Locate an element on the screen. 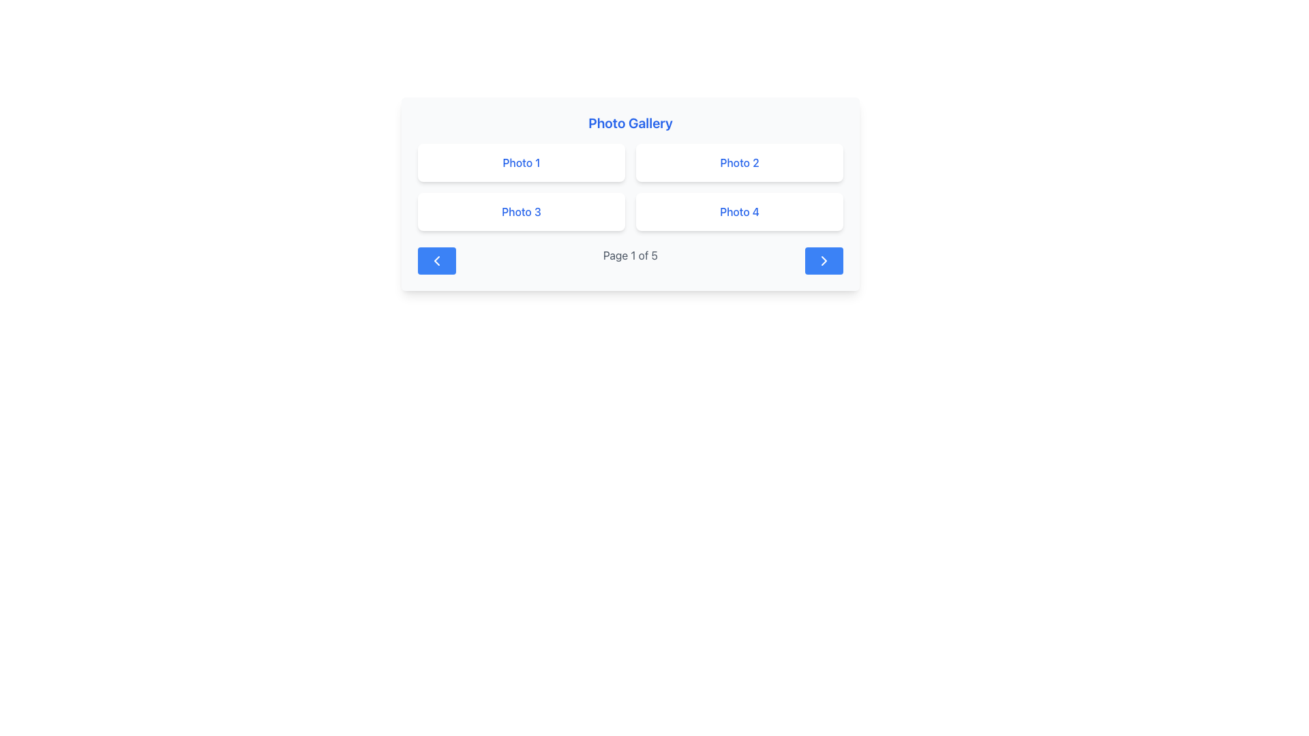 The image size is (1309, 736). text label displaying 'Photo 3' in blue font located in the bottom-left photo box of the photo gallery section is located at coordinates (520, 212).